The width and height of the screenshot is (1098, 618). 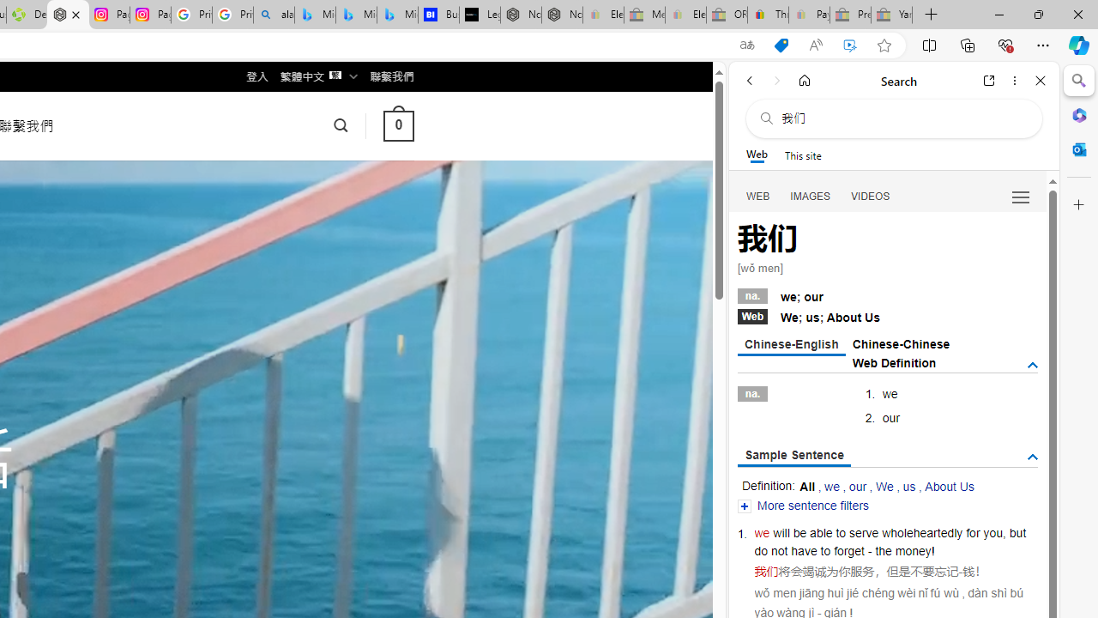 What do you see at coordinates (912, 551) in the screenshot?
I see `'money'` at bounding box center [912, 551].